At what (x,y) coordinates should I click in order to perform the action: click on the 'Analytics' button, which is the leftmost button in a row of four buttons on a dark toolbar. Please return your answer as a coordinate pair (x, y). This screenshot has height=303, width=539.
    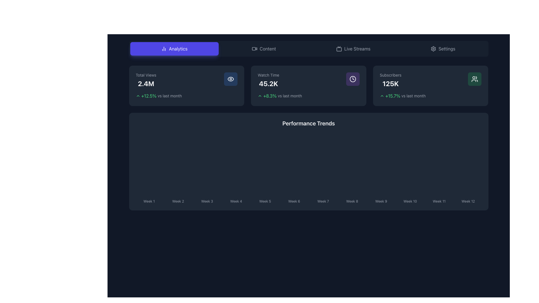
    Looking at the image, I should click on (174, 48).